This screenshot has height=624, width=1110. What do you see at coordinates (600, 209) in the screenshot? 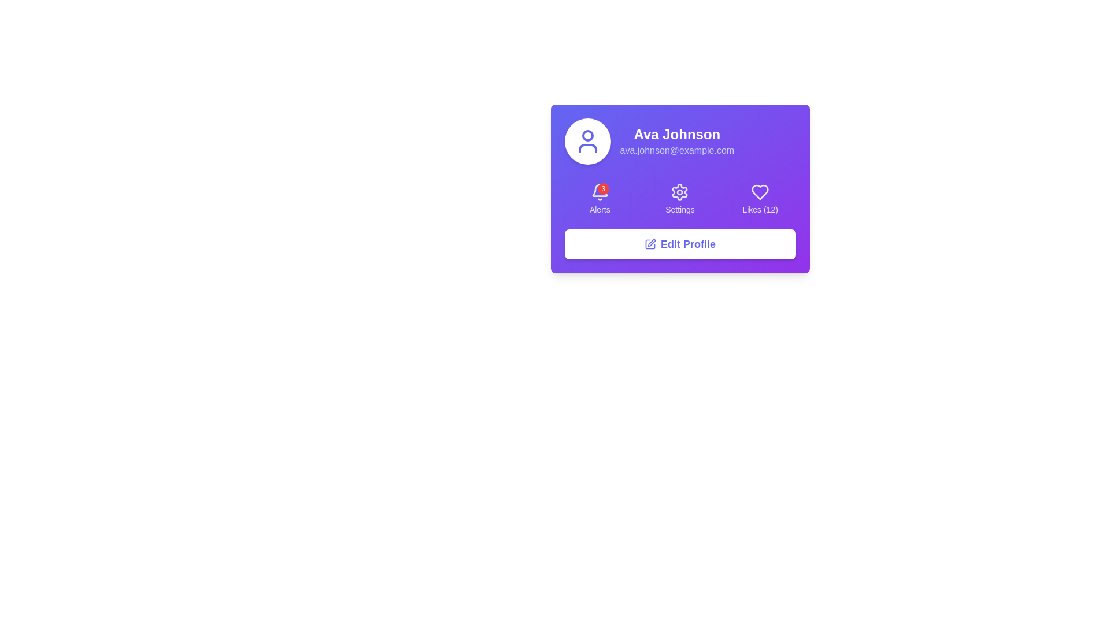
I see `the Text label that describes the notification feature associated with the bell icon, located at the bottom center of its group` at bounding box center [600, 209].